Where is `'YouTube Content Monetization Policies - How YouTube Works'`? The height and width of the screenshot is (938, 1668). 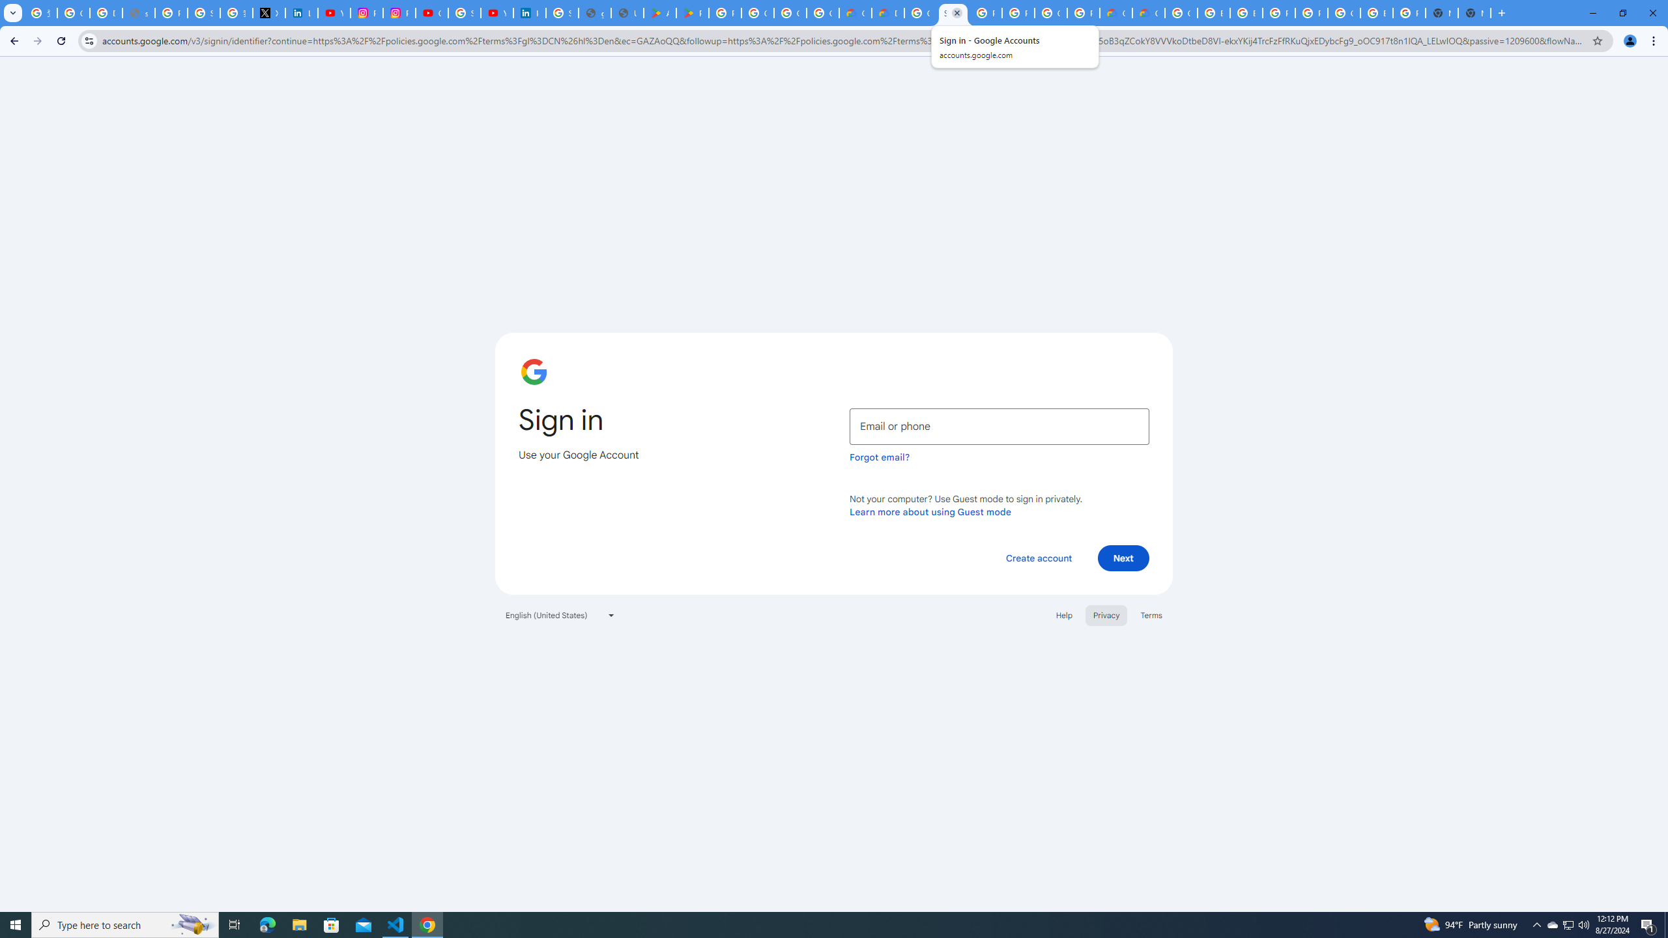
'YouTube Content Monetization Policies - How YouTube Works' is located at coordinates (334, 12).